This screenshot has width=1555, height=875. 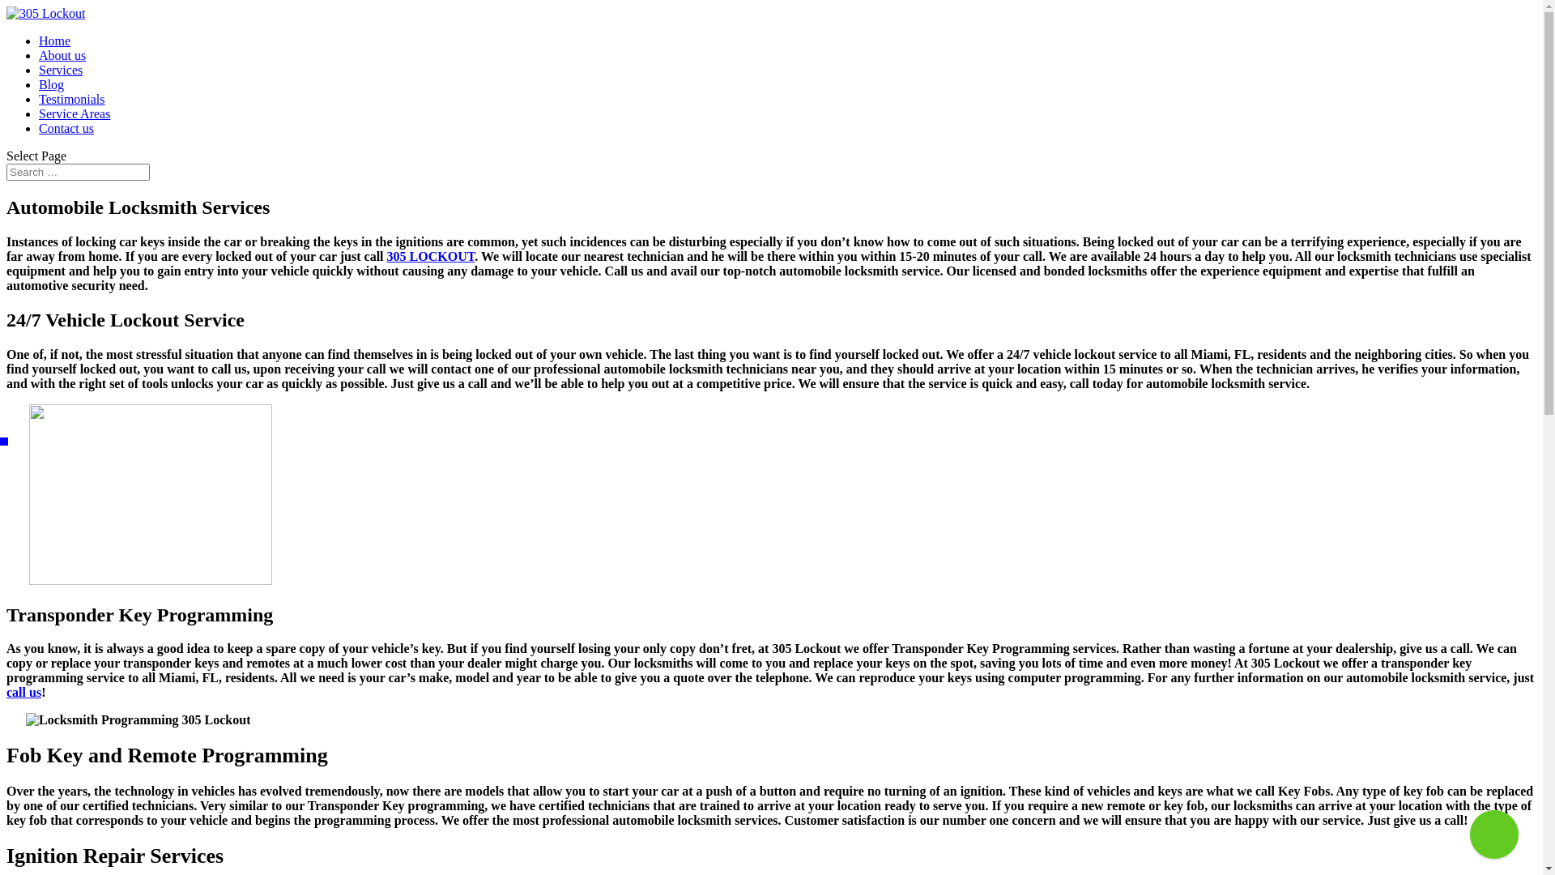 What do you see at coordinates (54, 40) in the screenshot?
I see `'Home'` at bounding box center [54, 40].